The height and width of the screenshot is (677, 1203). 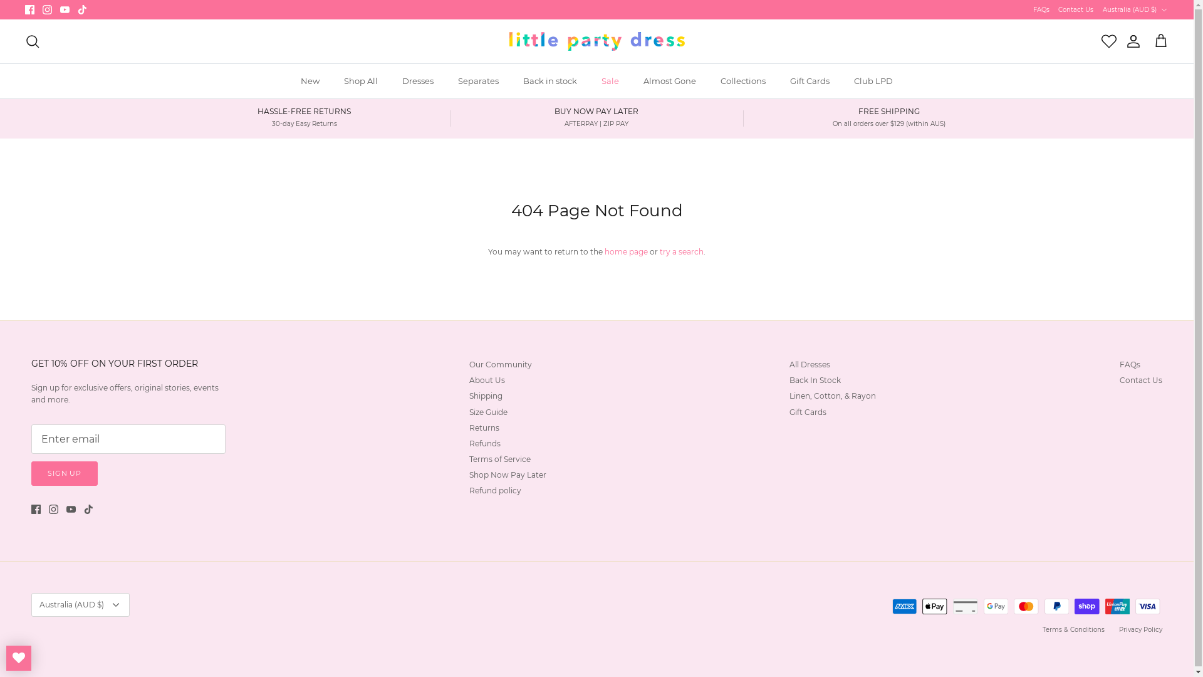 I want to click on 'Terms & Conditions', so click(x=1073, y=629).